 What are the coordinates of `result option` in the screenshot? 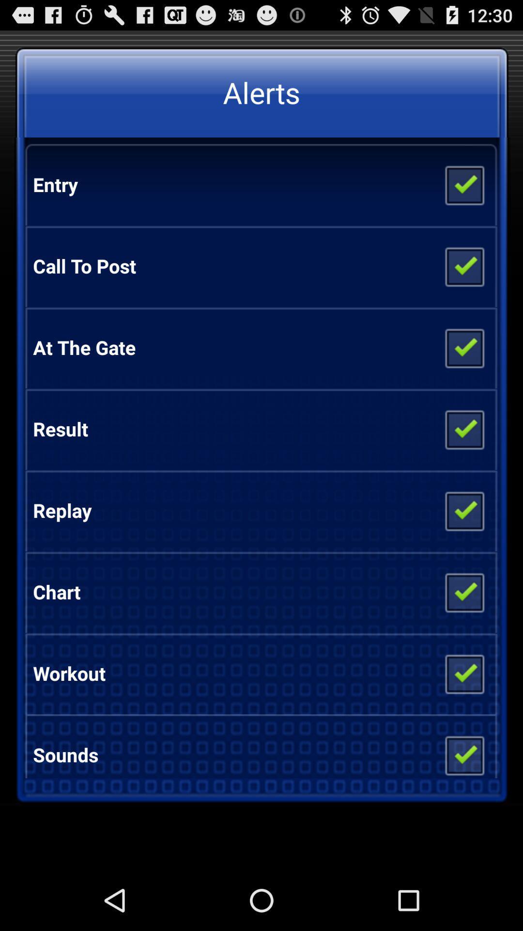 It's located at (463, 428).